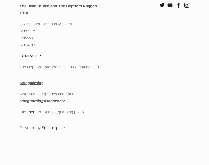 The width and height of the screenshot is (209, 165). What do you see at coordinates (42, 101) in the screenshot?
I see `'safeguarding@thebear.tv'` at bounding box center [42, 101].